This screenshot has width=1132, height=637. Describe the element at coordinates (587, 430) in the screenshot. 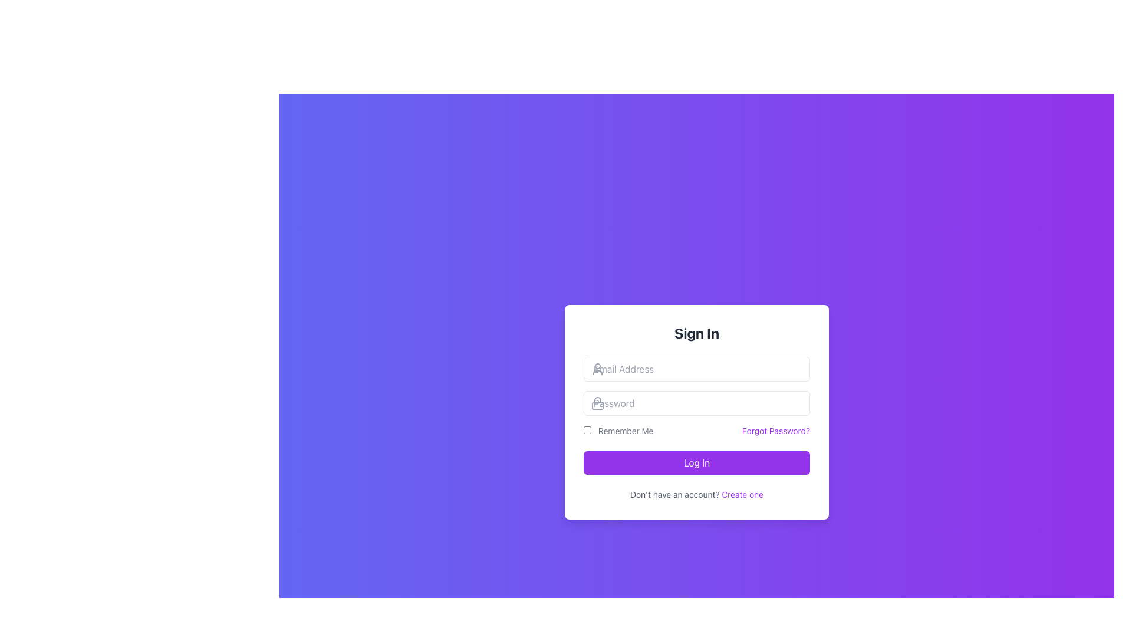

I see `the 'Remember Me' checkbox` at that location.